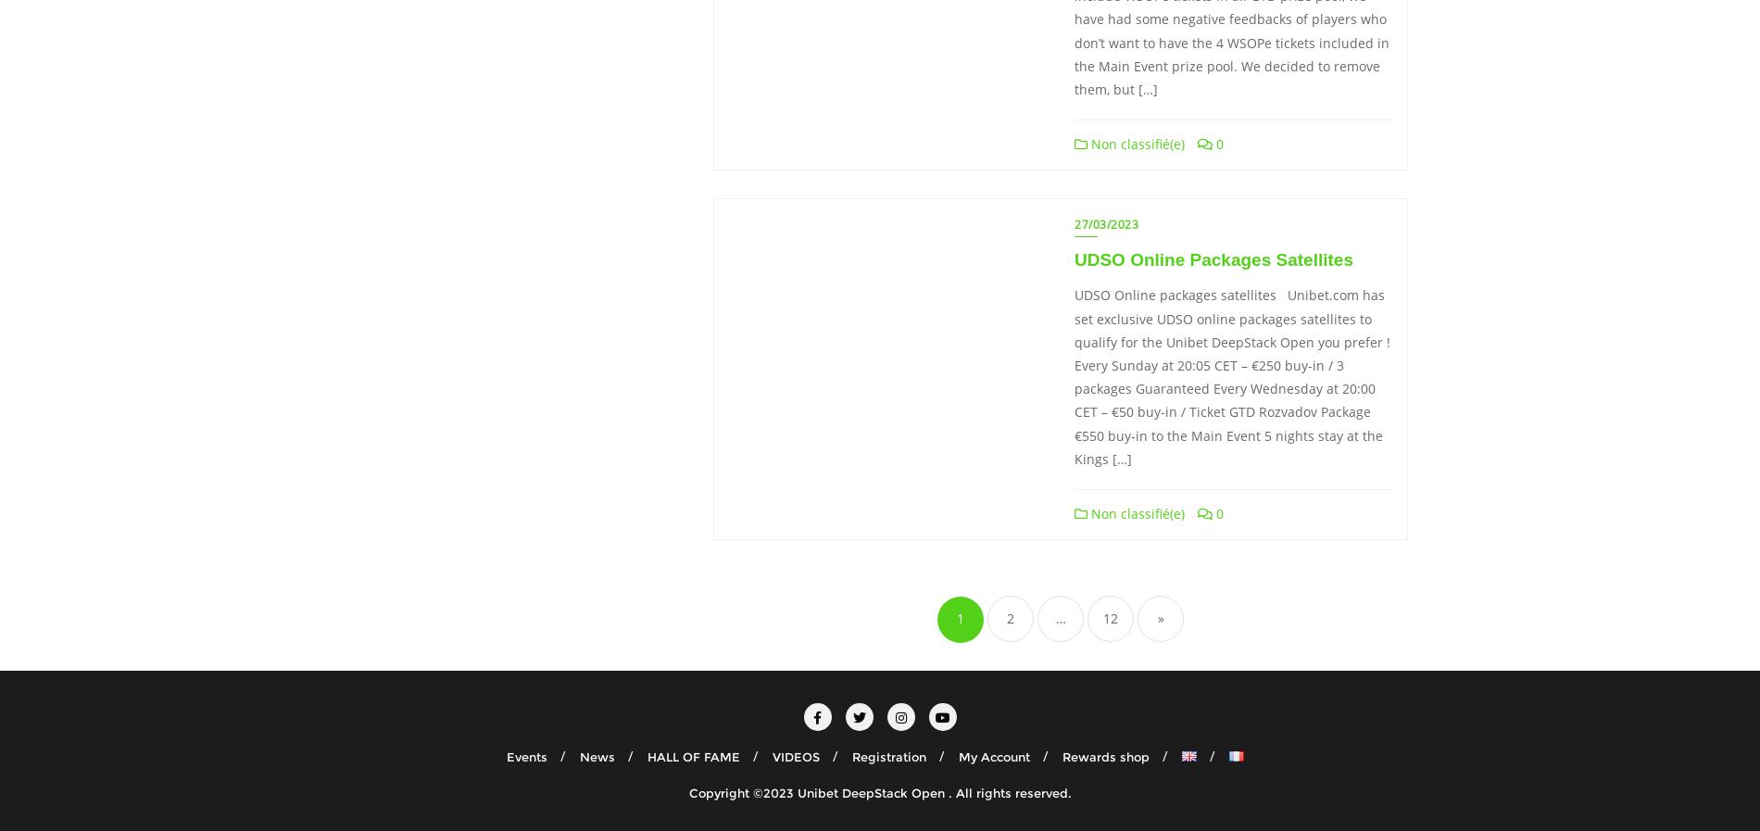  Describe the element at coordinates (692, 756) in the screenshot. I see `'HALL OF FAME'` at that location.